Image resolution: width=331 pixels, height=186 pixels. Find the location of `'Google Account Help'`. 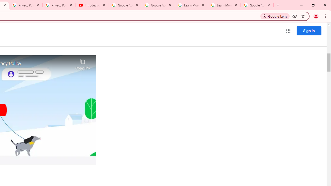

'Google Account Help' is located at coordinates (125, 5).